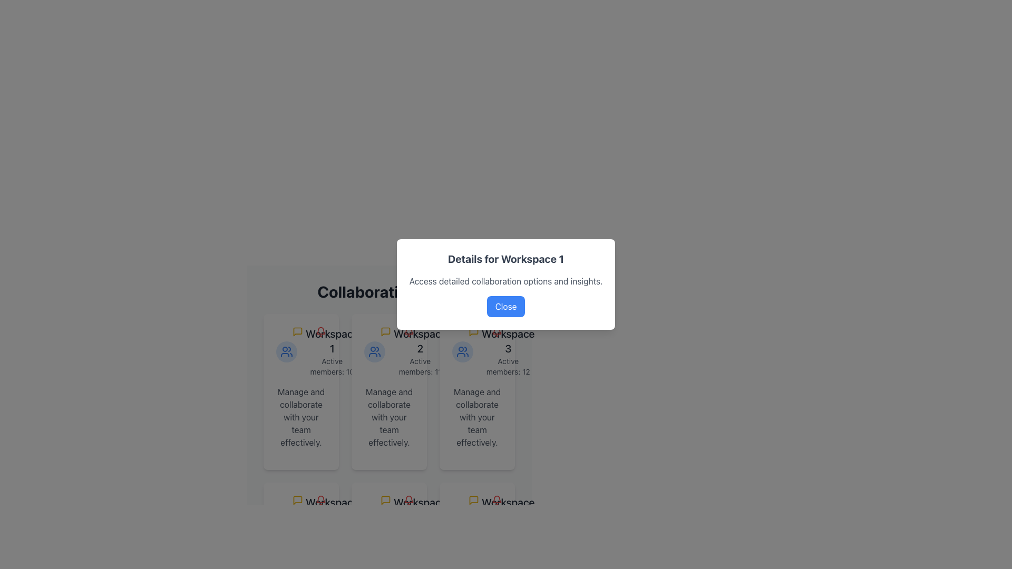  Describe the element at coordinates (476, 392) in the screenshot. I see `the third card in the grid that displays information about a specific workspace` at that location.